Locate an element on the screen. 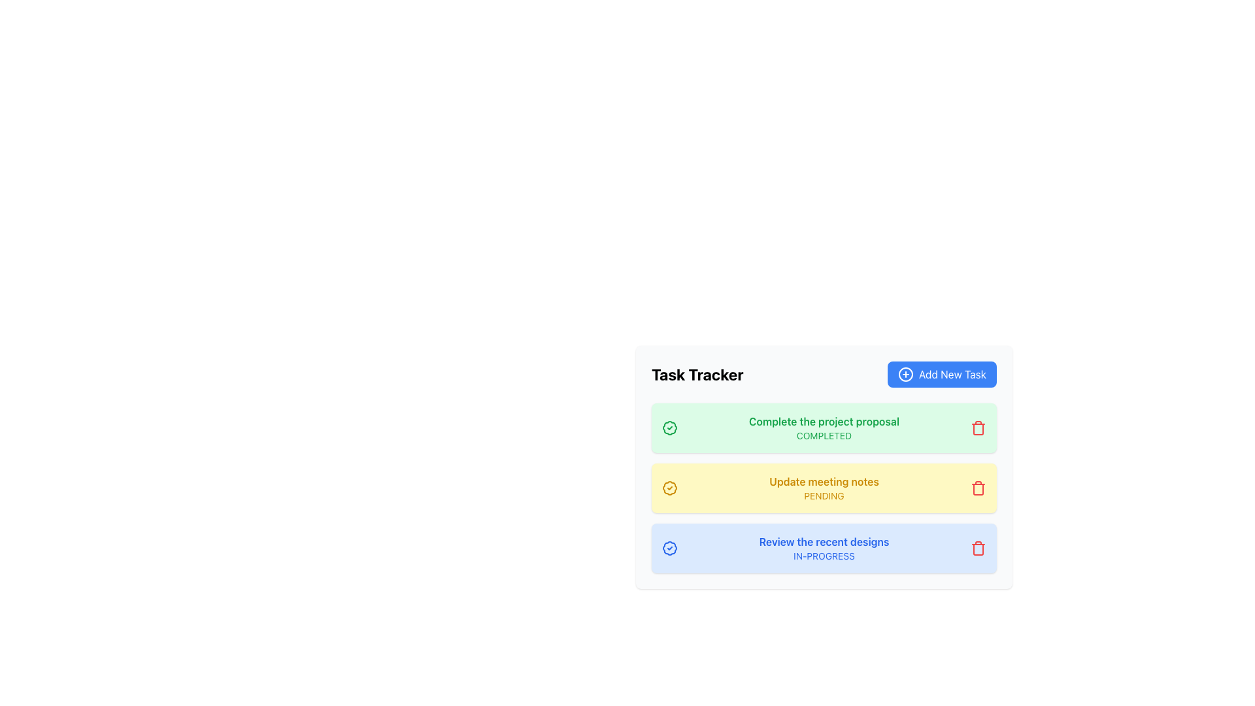 This screenshot has width=1255, height=706. the Text Display element that shows the task title and its current status 'PENDING', which is the second task entry in the task tracker interface is located at coordinates (824, 488).